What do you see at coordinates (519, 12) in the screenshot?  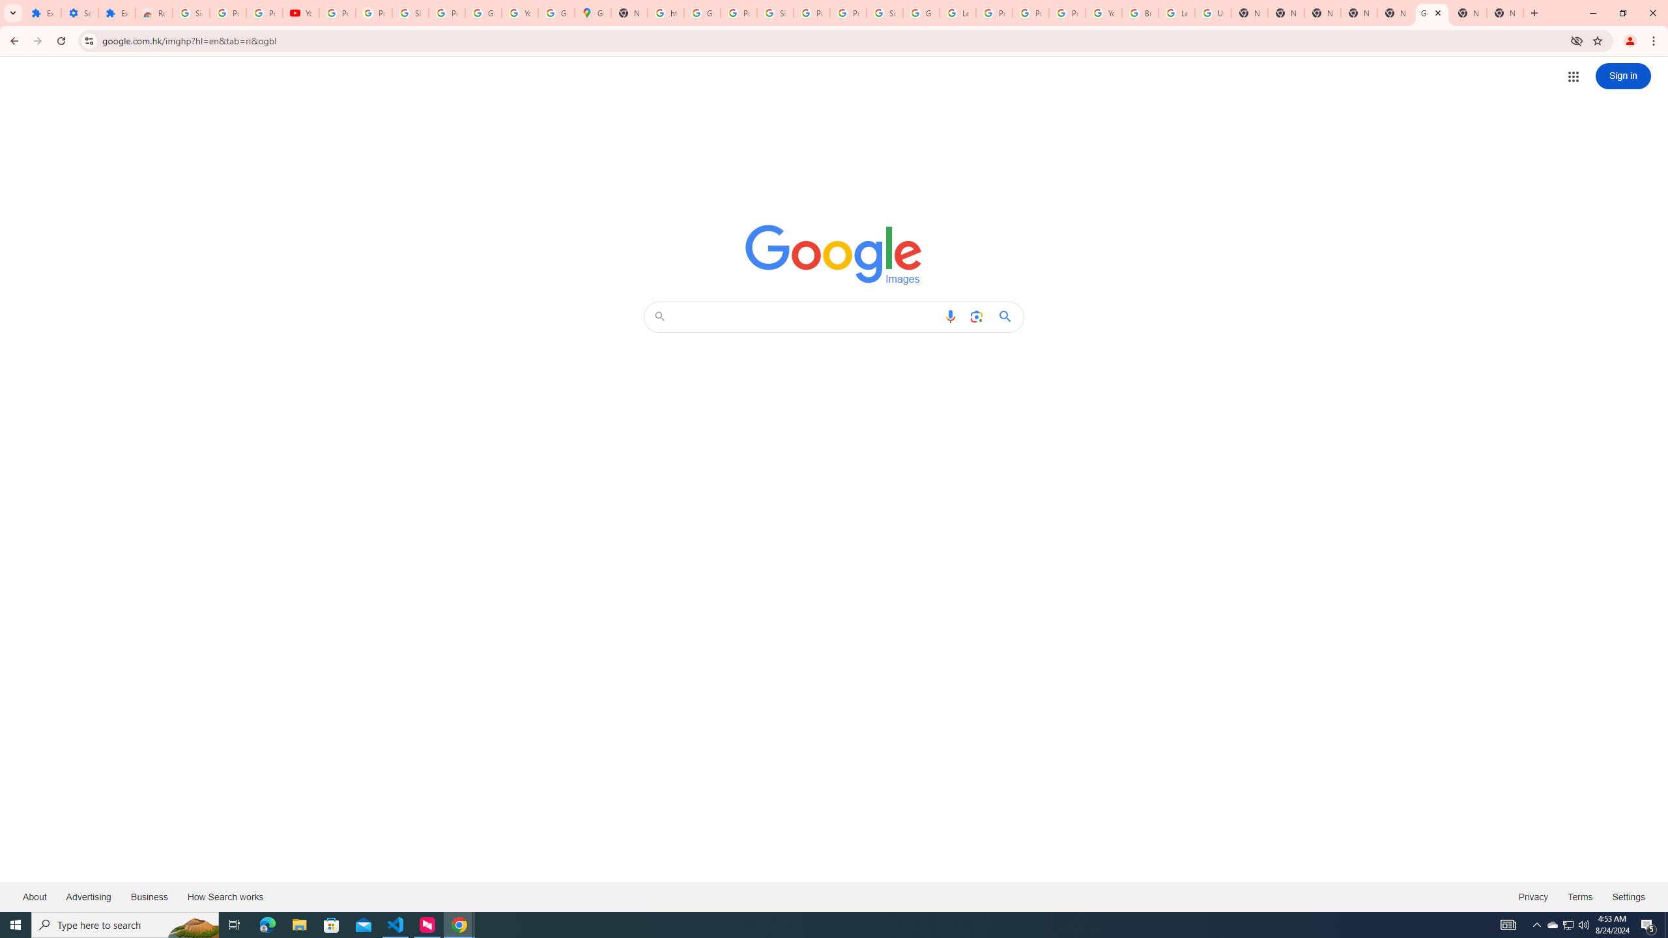 I see `'YouTube'` at bounding box center [519, 12].